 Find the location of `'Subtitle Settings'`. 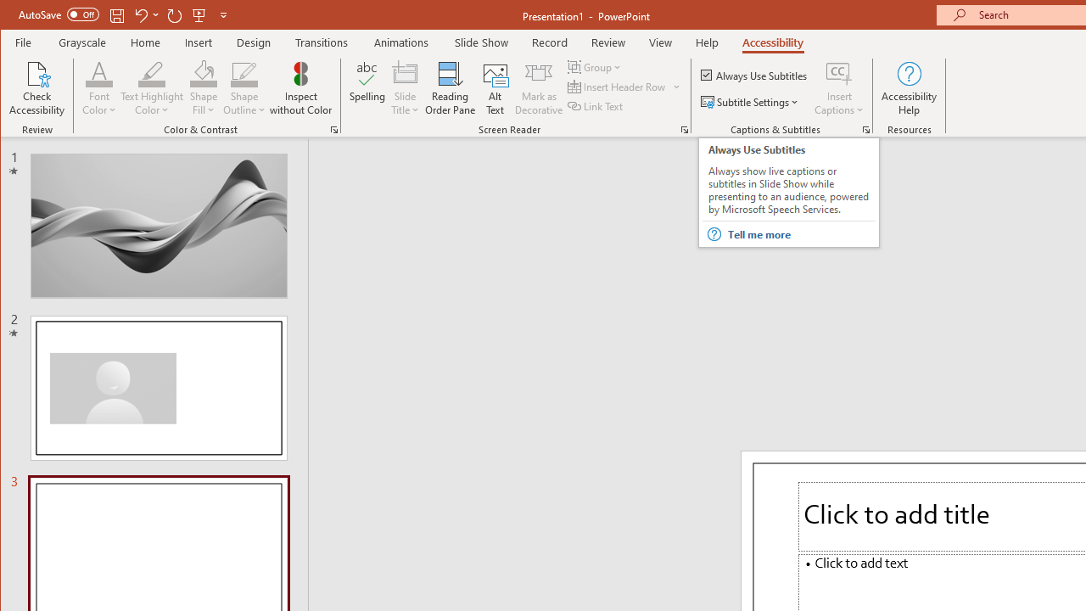

'Subtitle Settings' is located at coordinates (750, 102).